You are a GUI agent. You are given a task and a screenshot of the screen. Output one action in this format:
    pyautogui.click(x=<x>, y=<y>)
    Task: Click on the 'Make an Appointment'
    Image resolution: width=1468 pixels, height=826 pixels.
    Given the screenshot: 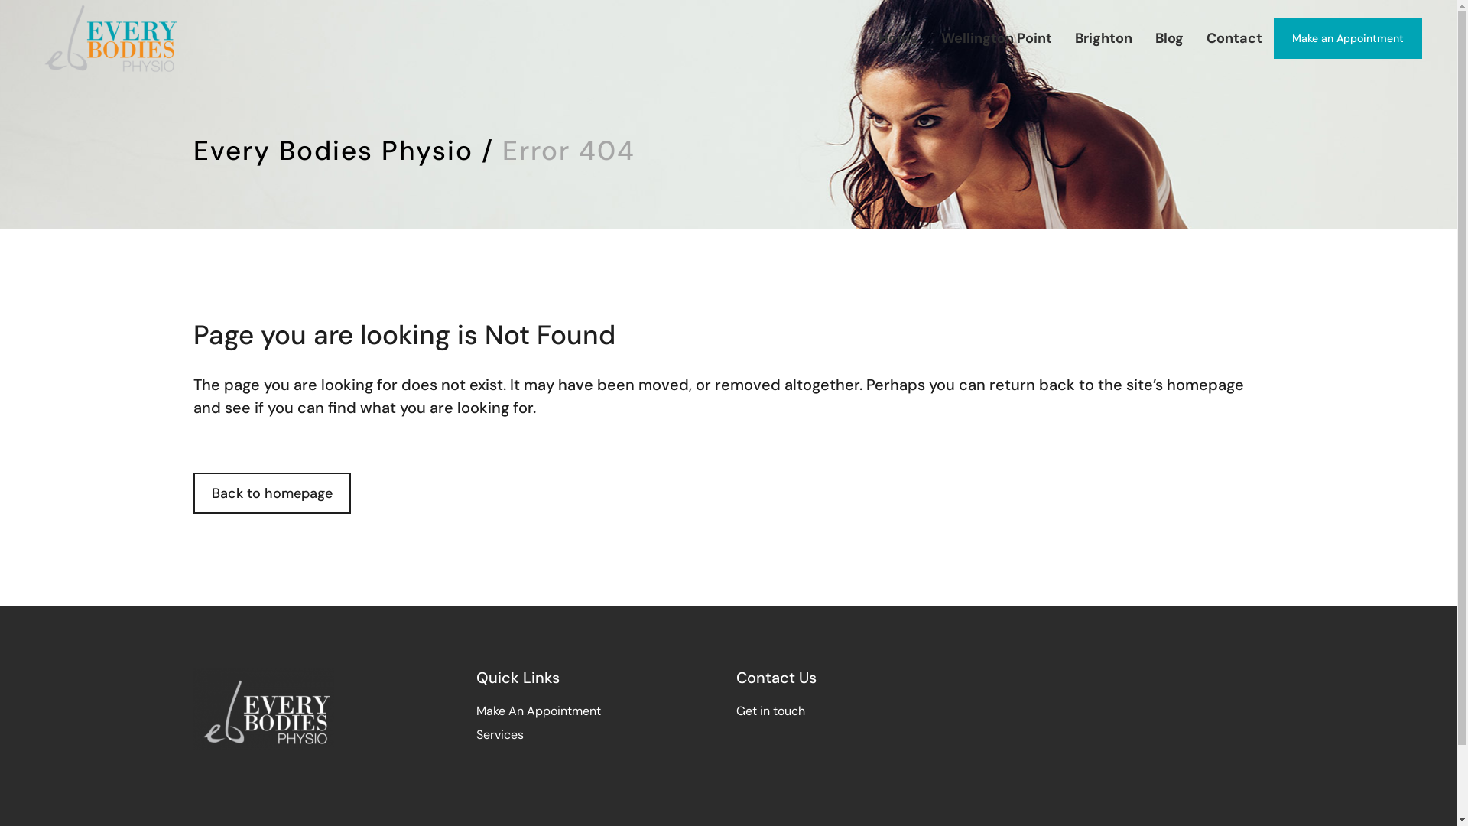 What is the action you would take?
    pyautogui.click(x=1347, y=37)
    